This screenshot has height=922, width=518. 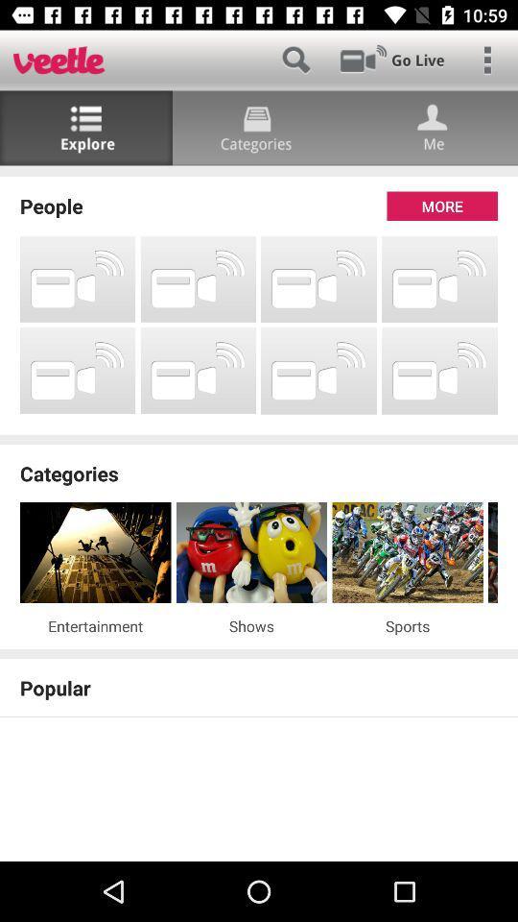 What do you see at coordinates (259, 206) in the screenshot?
I see `the people icon` at bounding box center [259, 206].